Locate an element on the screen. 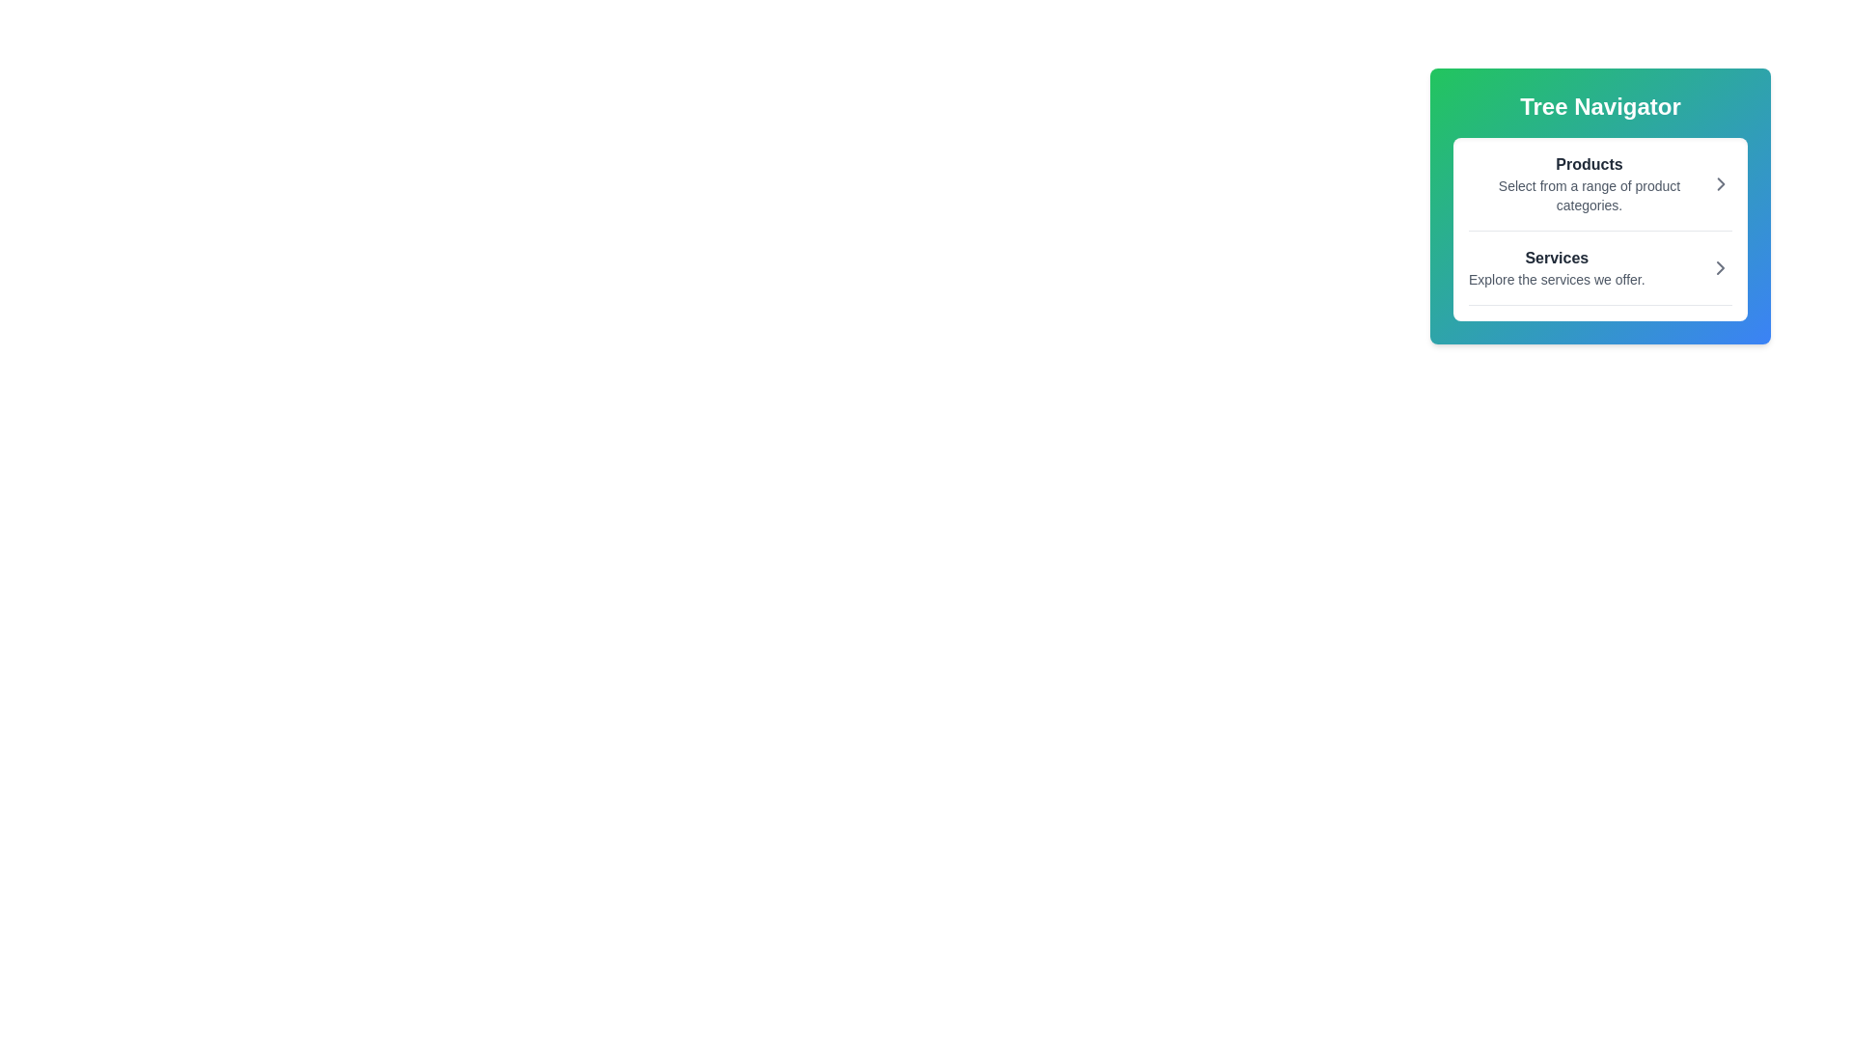  the textual component titled 'Services' located in the lower section of the 'Tree Navigator' card is located at coordinates (1557, 267).